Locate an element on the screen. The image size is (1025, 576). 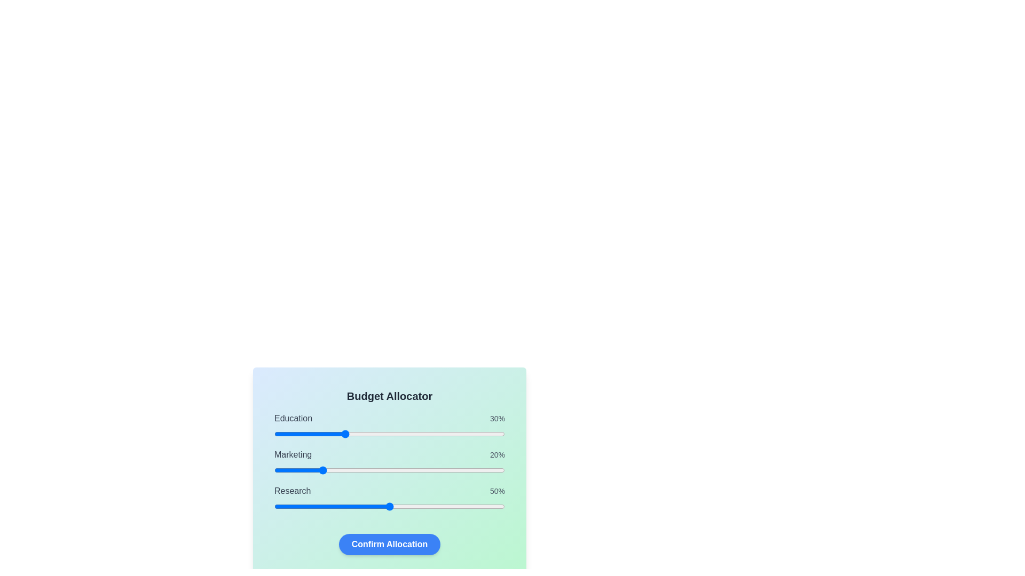
the 'Confirm Allocation' button is located at coordinates (389, 545).